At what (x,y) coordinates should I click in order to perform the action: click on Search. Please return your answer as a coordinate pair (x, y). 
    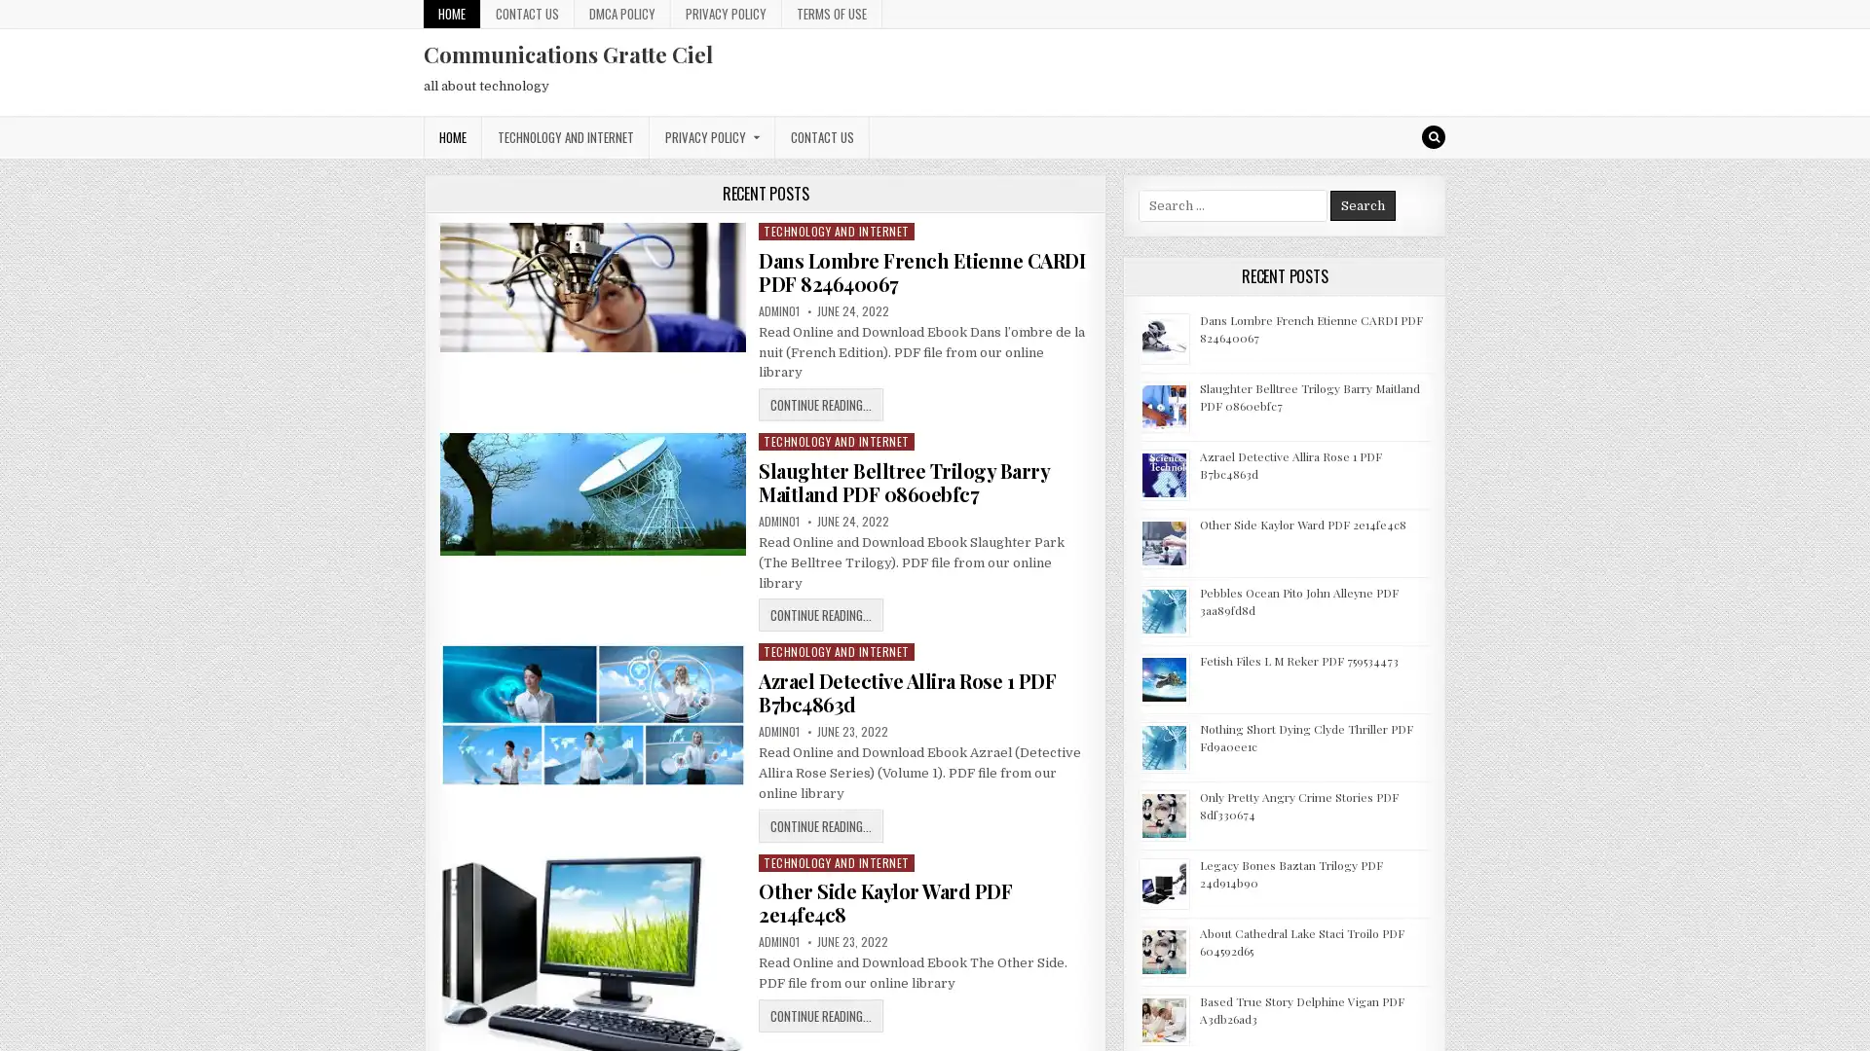
    Looking at the image, I should click on (1362, 205).